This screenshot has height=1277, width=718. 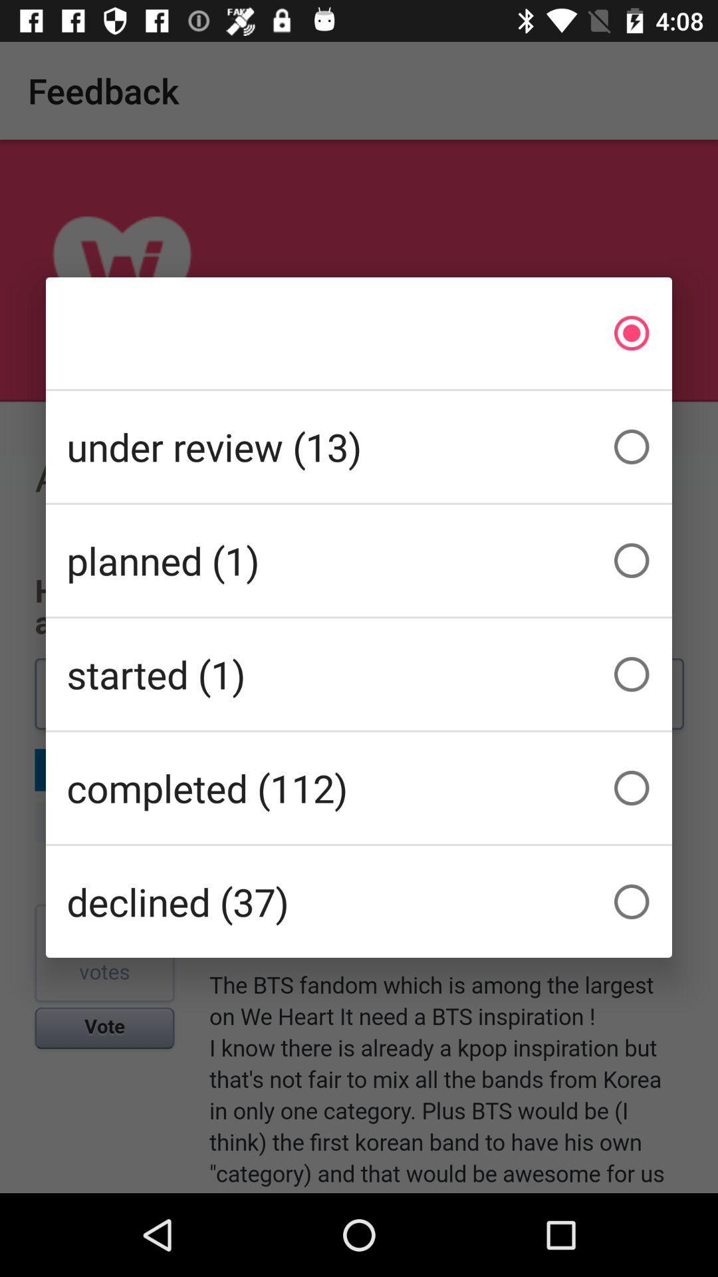 I want to click on the icon below started (1) icon, so click(x=359, y=788).